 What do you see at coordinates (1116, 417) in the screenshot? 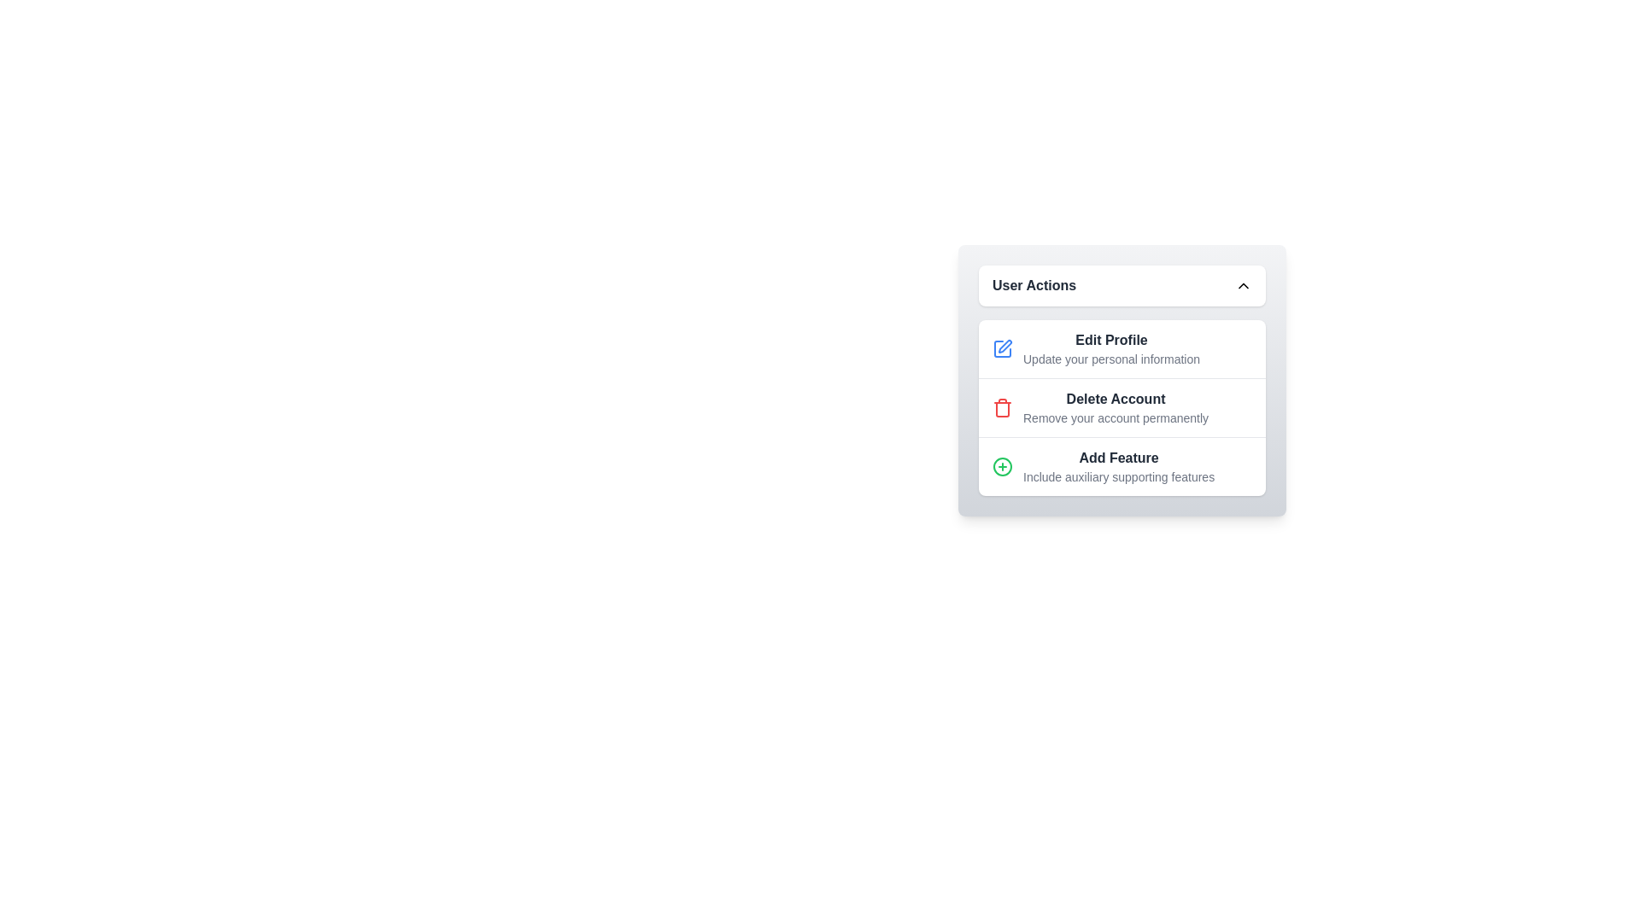
I see `the descriptive text element located under the 'Delete Account' heading, which provides additional context about the permanence of the action` at bounding box center [1116, 417].